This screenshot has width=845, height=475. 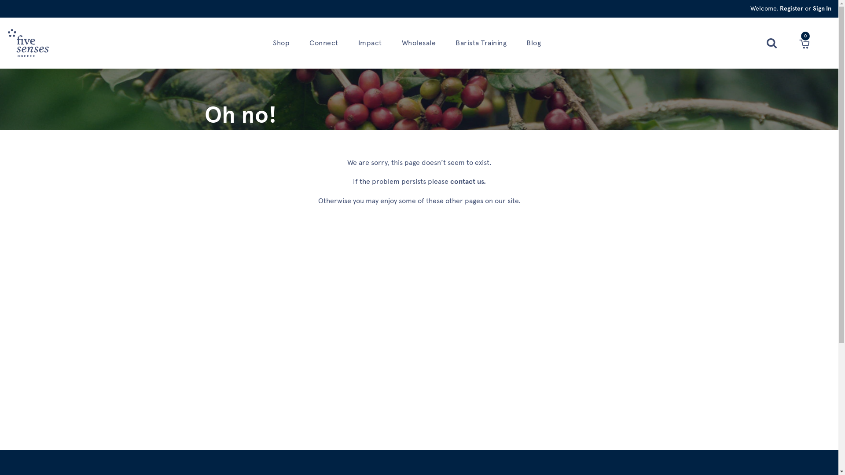 What do you see at coordinates (371, 43) in the screenshot?
I see `'Impact'` at bounding box center [371, 43].